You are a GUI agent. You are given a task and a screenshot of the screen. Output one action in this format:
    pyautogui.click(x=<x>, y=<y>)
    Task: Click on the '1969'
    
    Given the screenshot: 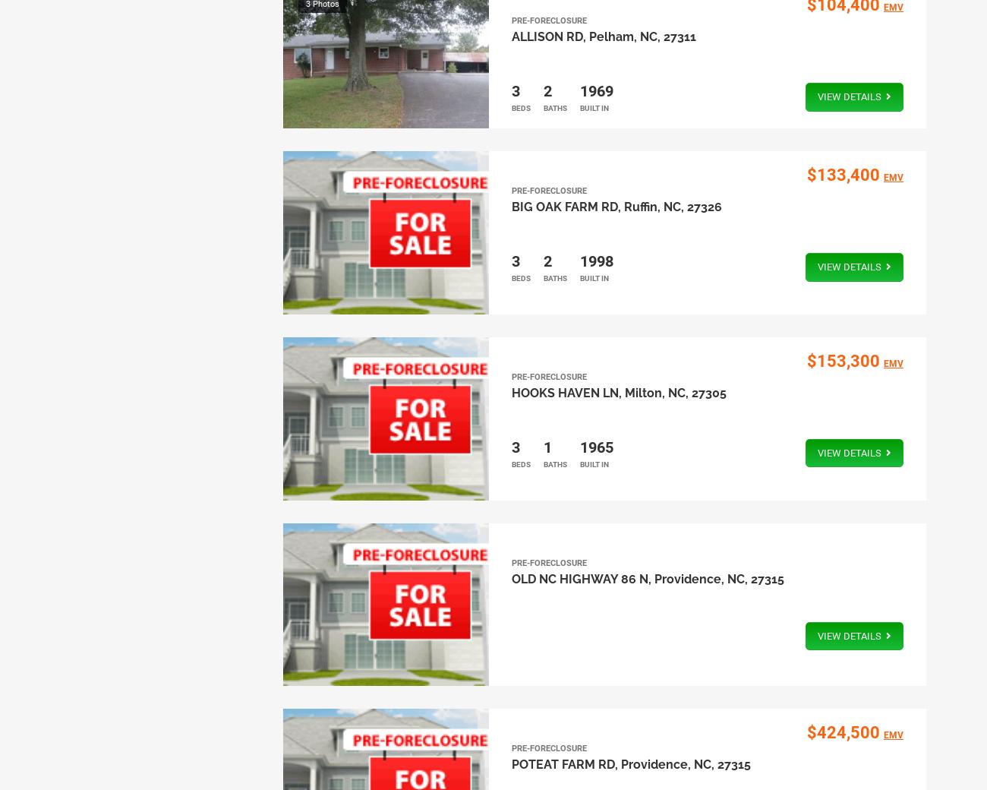 What is the action you would take?
    pyautogui.click(x=594, y=90)
    